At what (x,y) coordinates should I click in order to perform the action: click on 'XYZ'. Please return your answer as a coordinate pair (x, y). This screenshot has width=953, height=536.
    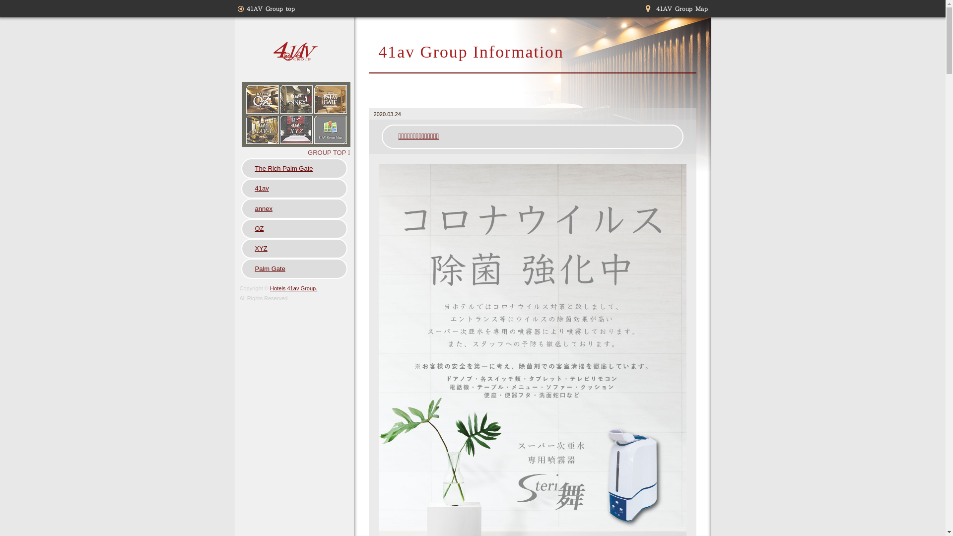
    Looking at the image, I should click on (294, 248).